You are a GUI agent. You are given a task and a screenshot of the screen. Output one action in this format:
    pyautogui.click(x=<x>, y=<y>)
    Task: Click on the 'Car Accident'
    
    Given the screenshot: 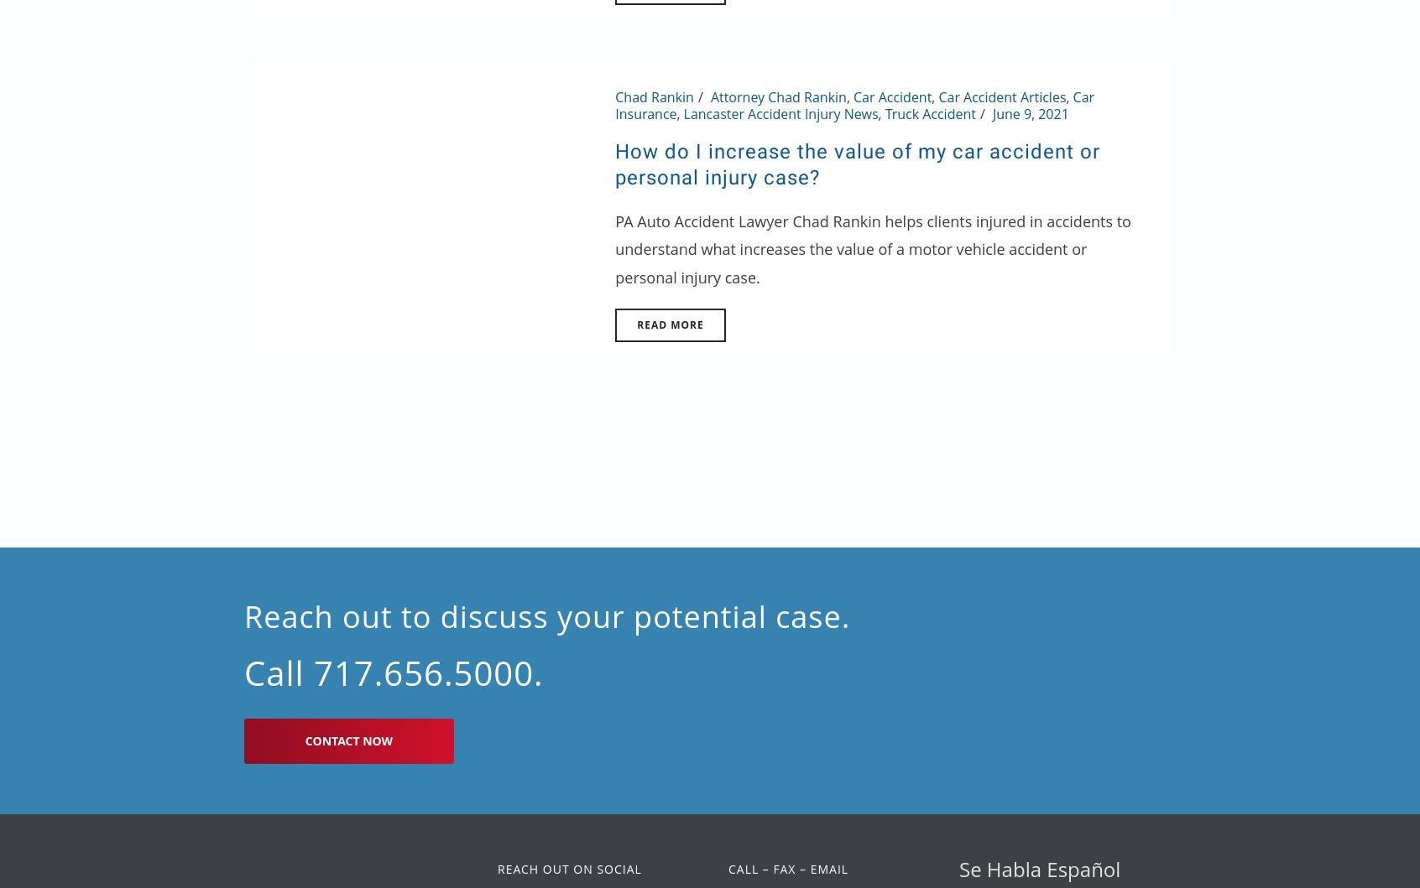 What is the action you would take?
    pyautogui.click(x=892, y=96)
    